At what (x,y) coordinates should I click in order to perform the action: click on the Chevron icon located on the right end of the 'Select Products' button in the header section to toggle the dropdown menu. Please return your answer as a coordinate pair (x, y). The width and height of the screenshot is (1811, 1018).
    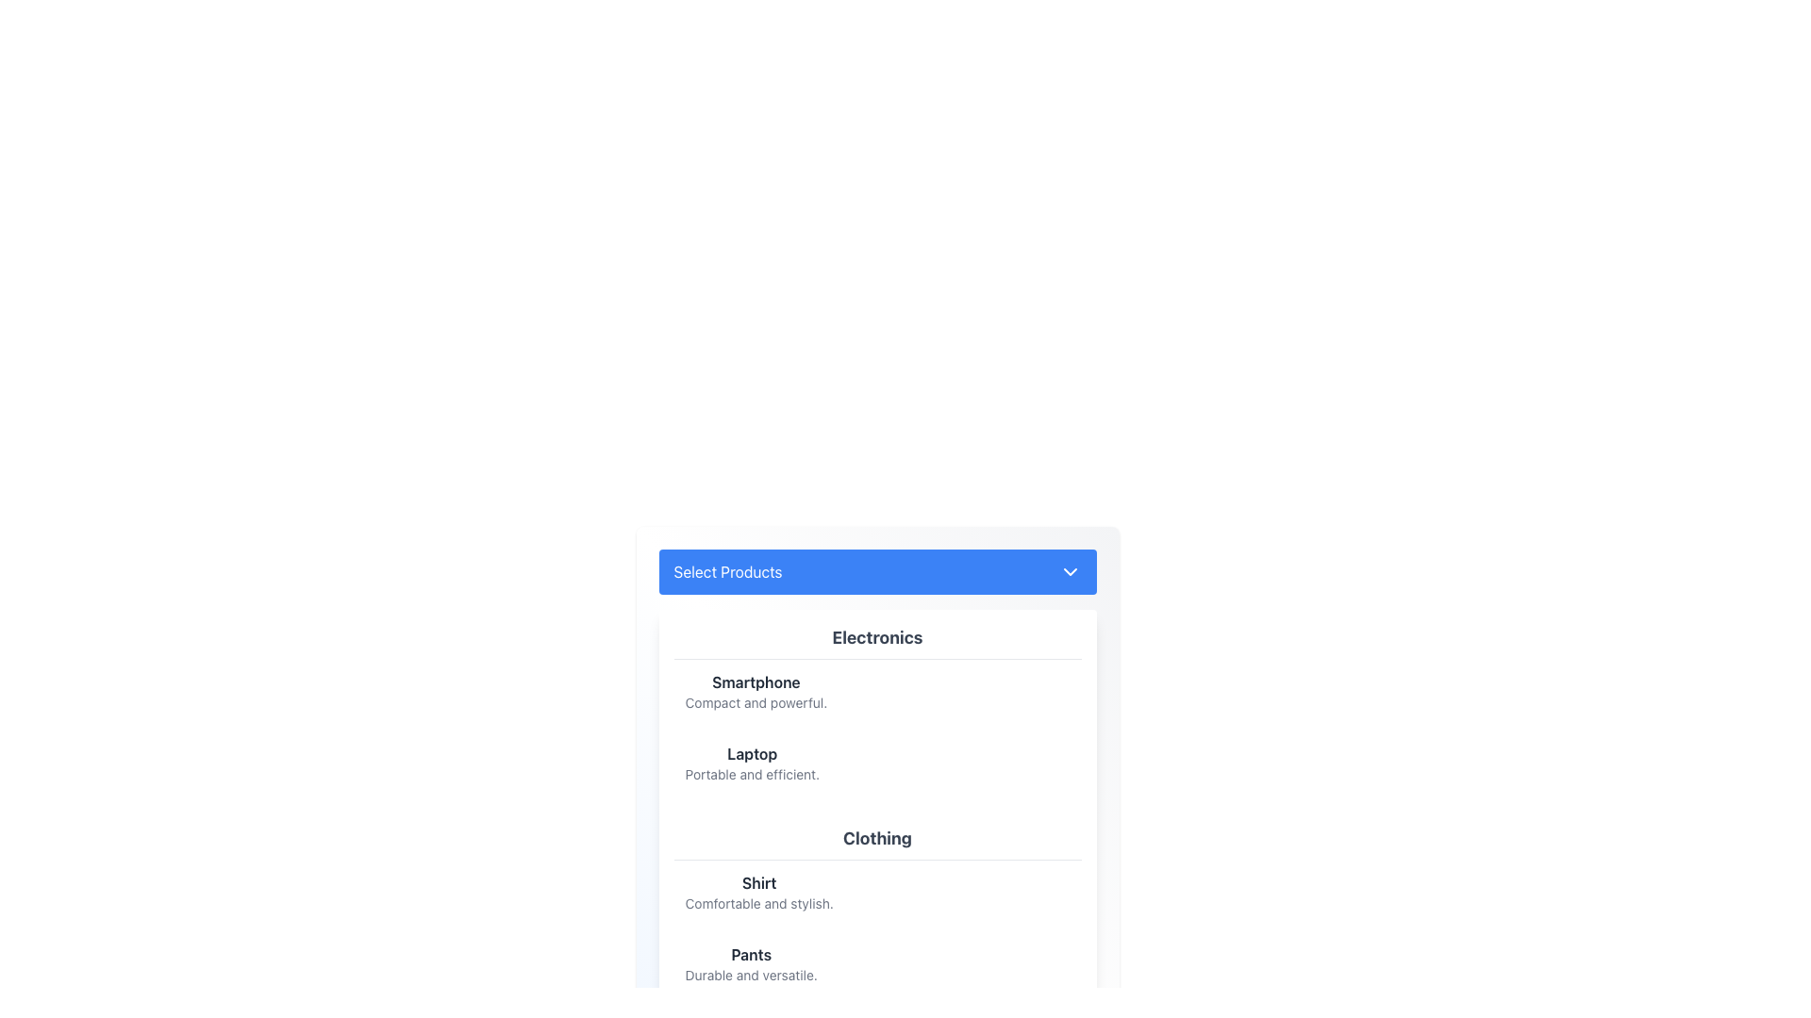
    Looking at the image, I should click on (1070, 570).